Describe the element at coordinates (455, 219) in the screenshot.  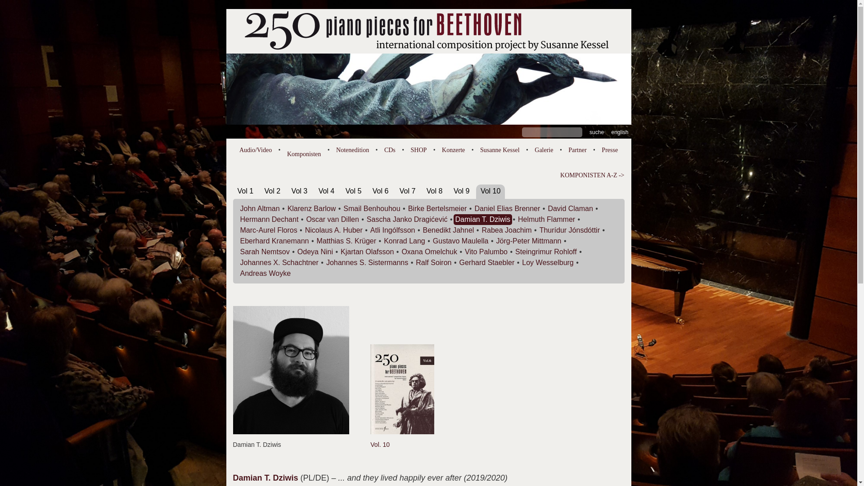
I see `'Damian T. Dziwis'` at that location.